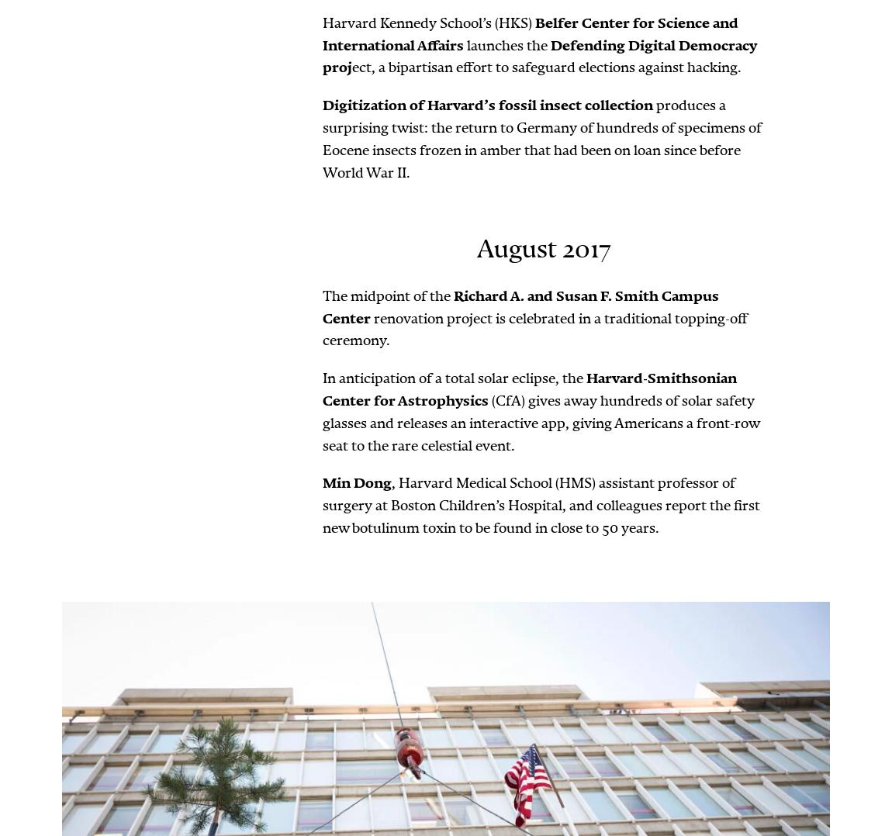 This screenshot has height=836, width=892. Describe the element at coordinates (429, 21) in the screenshot. I see `'Harvard Kennedy School’s (HKS)'` at that location.